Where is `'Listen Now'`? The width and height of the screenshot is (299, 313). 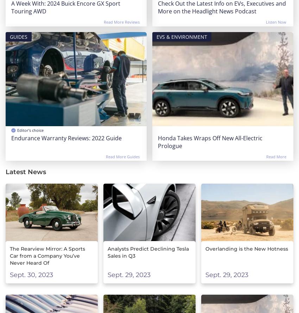
'Listen Now' is located at coordinates (275, 22).